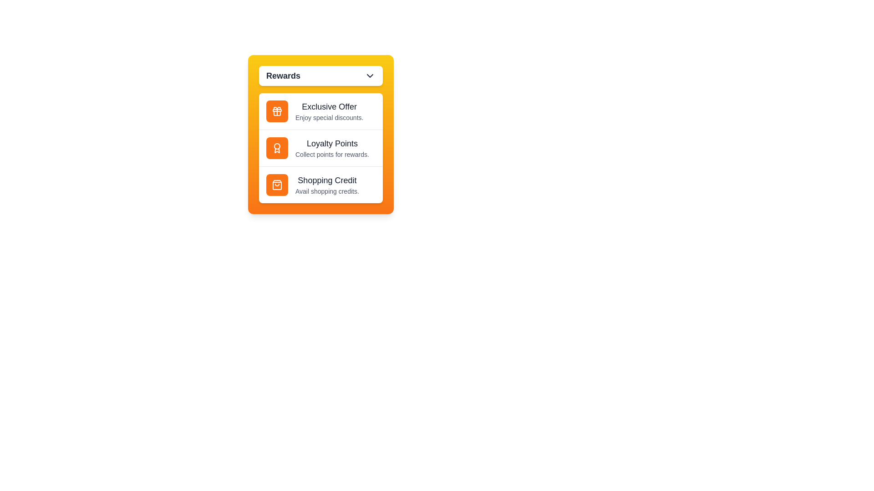 The width and height of the screenshot is (874, 491). I want to click on the Decorative Circle, which is an orange circular element with a central mark, located near the center of a graphical icon representing an award, so click(277, 145).